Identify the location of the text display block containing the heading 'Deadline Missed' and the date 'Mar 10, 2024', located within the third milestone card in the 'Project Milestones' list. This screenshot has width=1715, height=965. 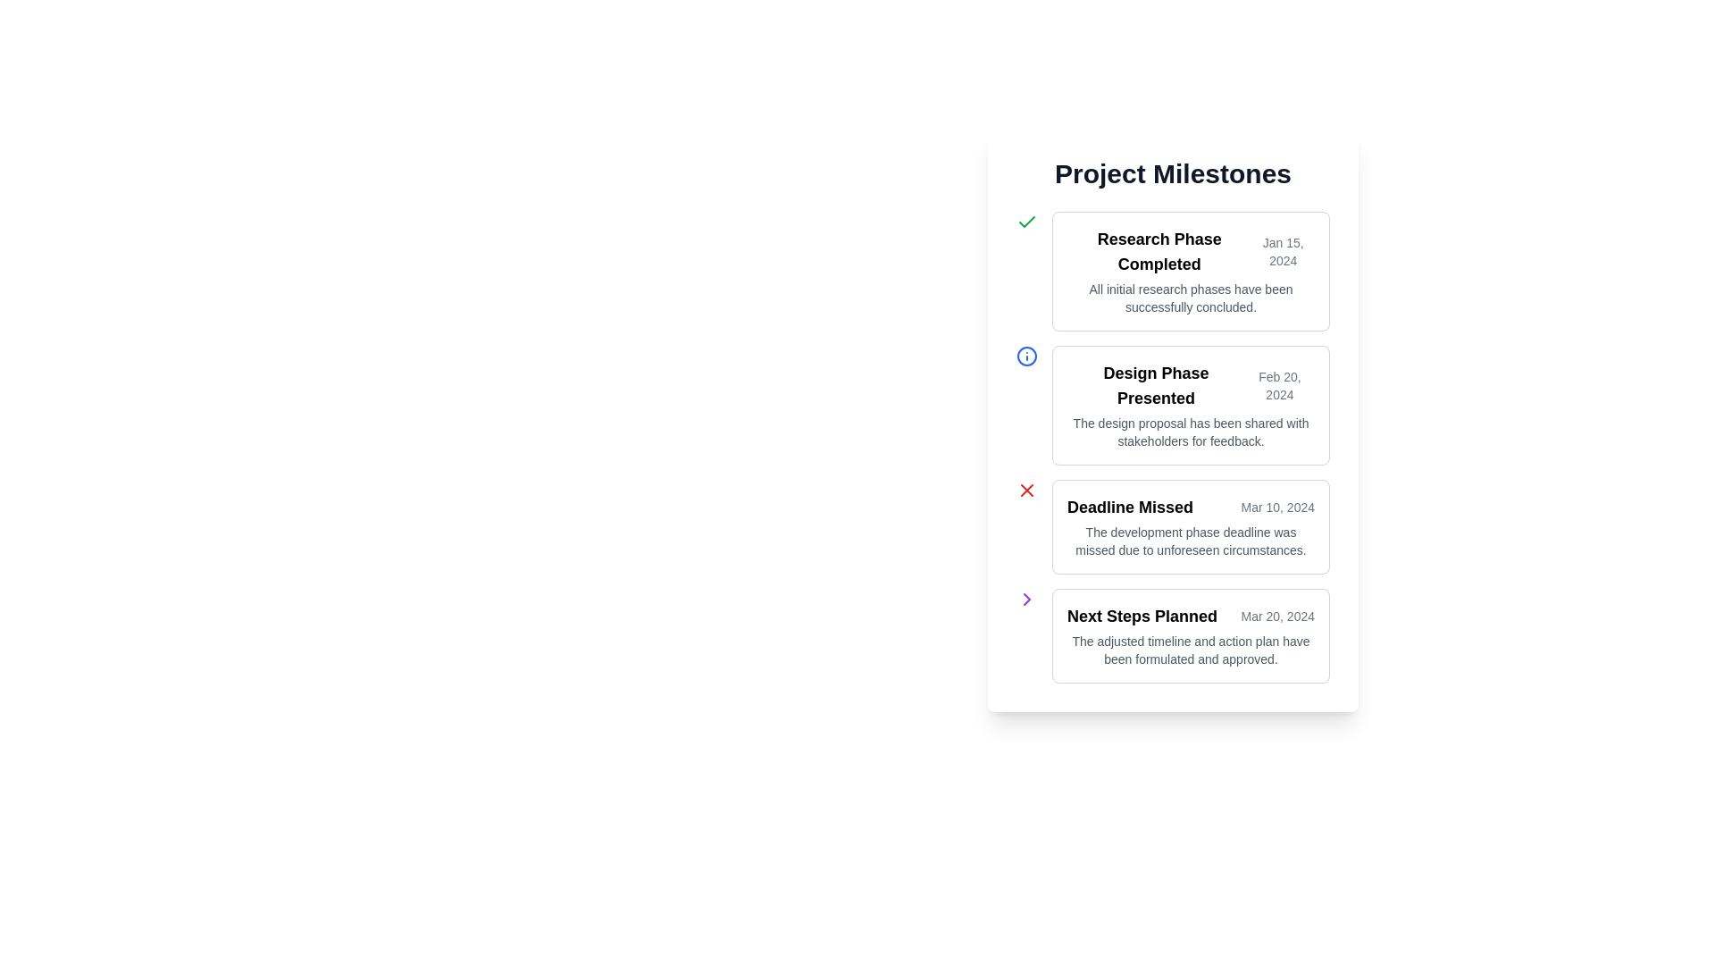
(1191, 507).